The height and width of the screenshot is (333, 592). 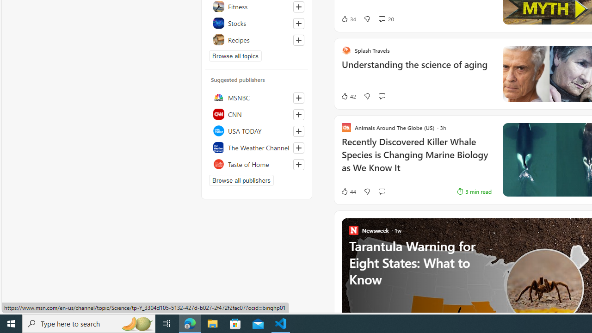 I want to click on 'View comments 20 Comment', so click(x=382, y=19).